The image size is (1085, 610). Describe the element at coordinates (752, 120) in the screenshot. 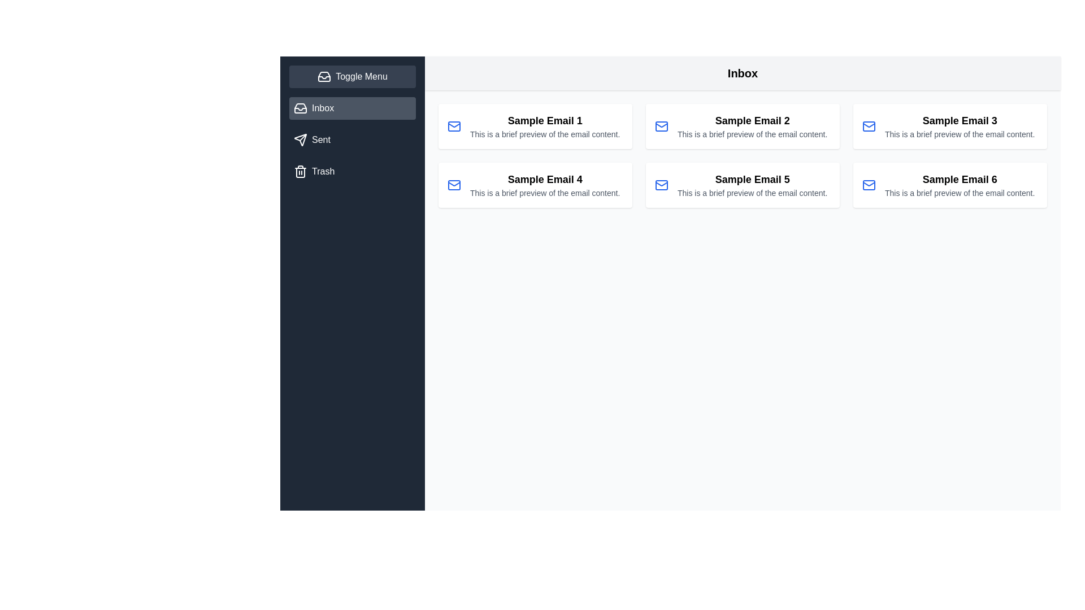

I see `text displayed on the 'Sample Email 2' label, which is a medium-large bold font text located in the second column of the email previews grid` at that location.